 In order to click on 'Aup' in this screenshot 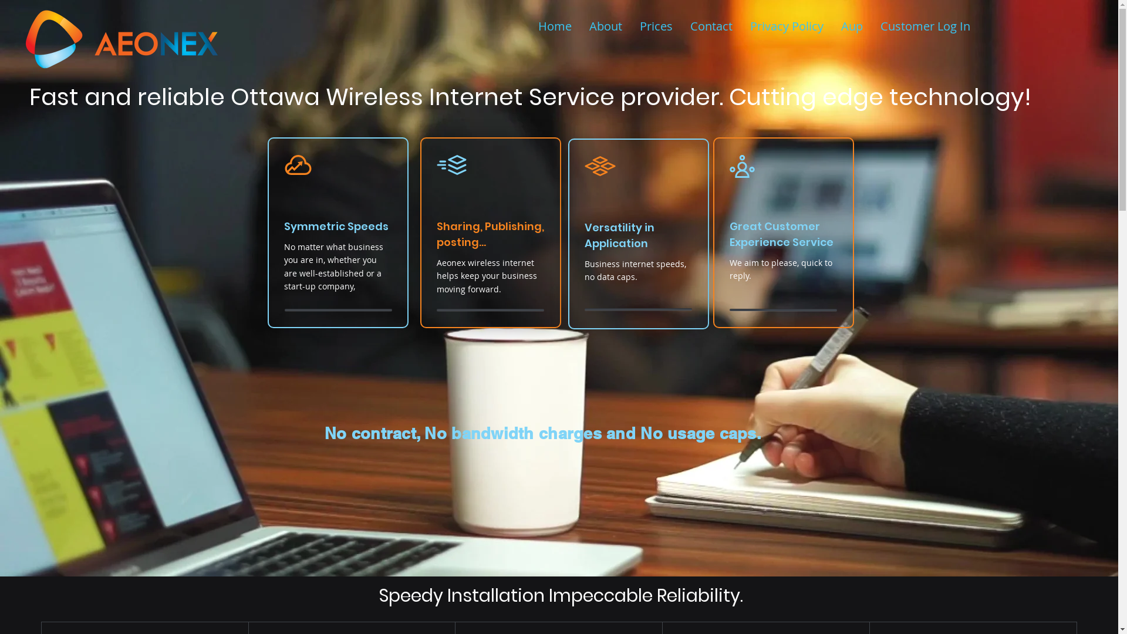, I will do `click(852, 26)`.